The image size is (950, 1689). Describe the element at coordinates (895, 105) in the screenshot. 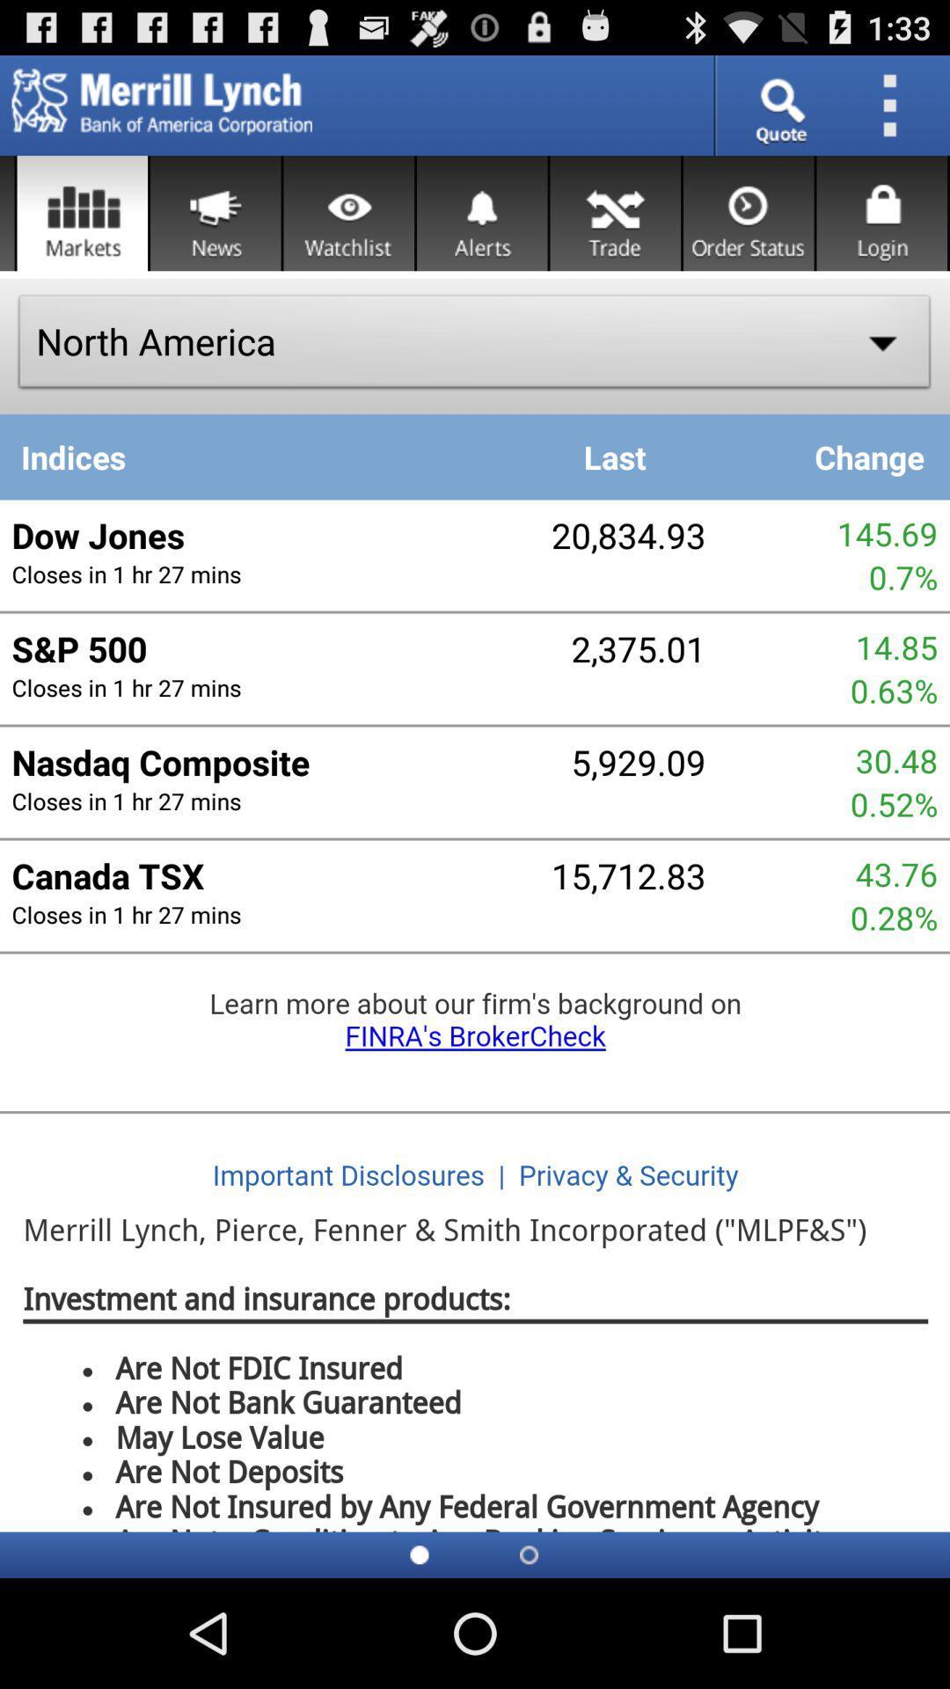

I see `settings` at that location.